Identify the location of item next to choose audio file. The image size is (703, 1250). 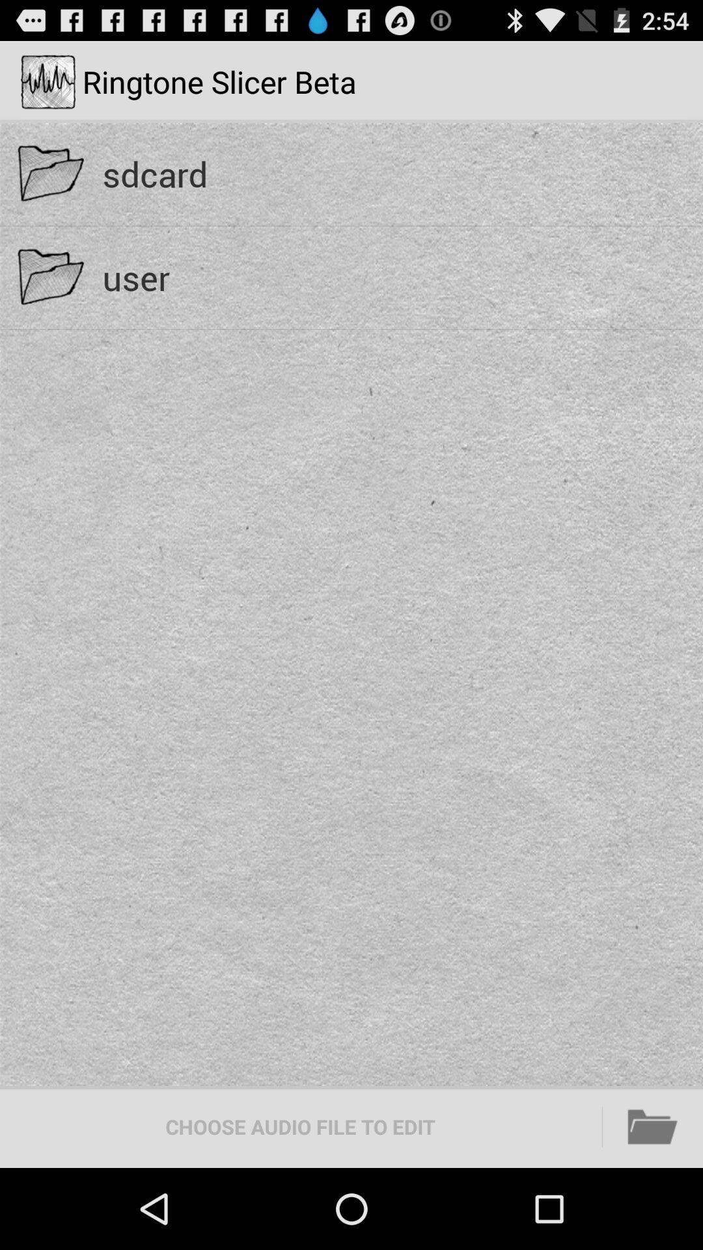
(653, 1126).